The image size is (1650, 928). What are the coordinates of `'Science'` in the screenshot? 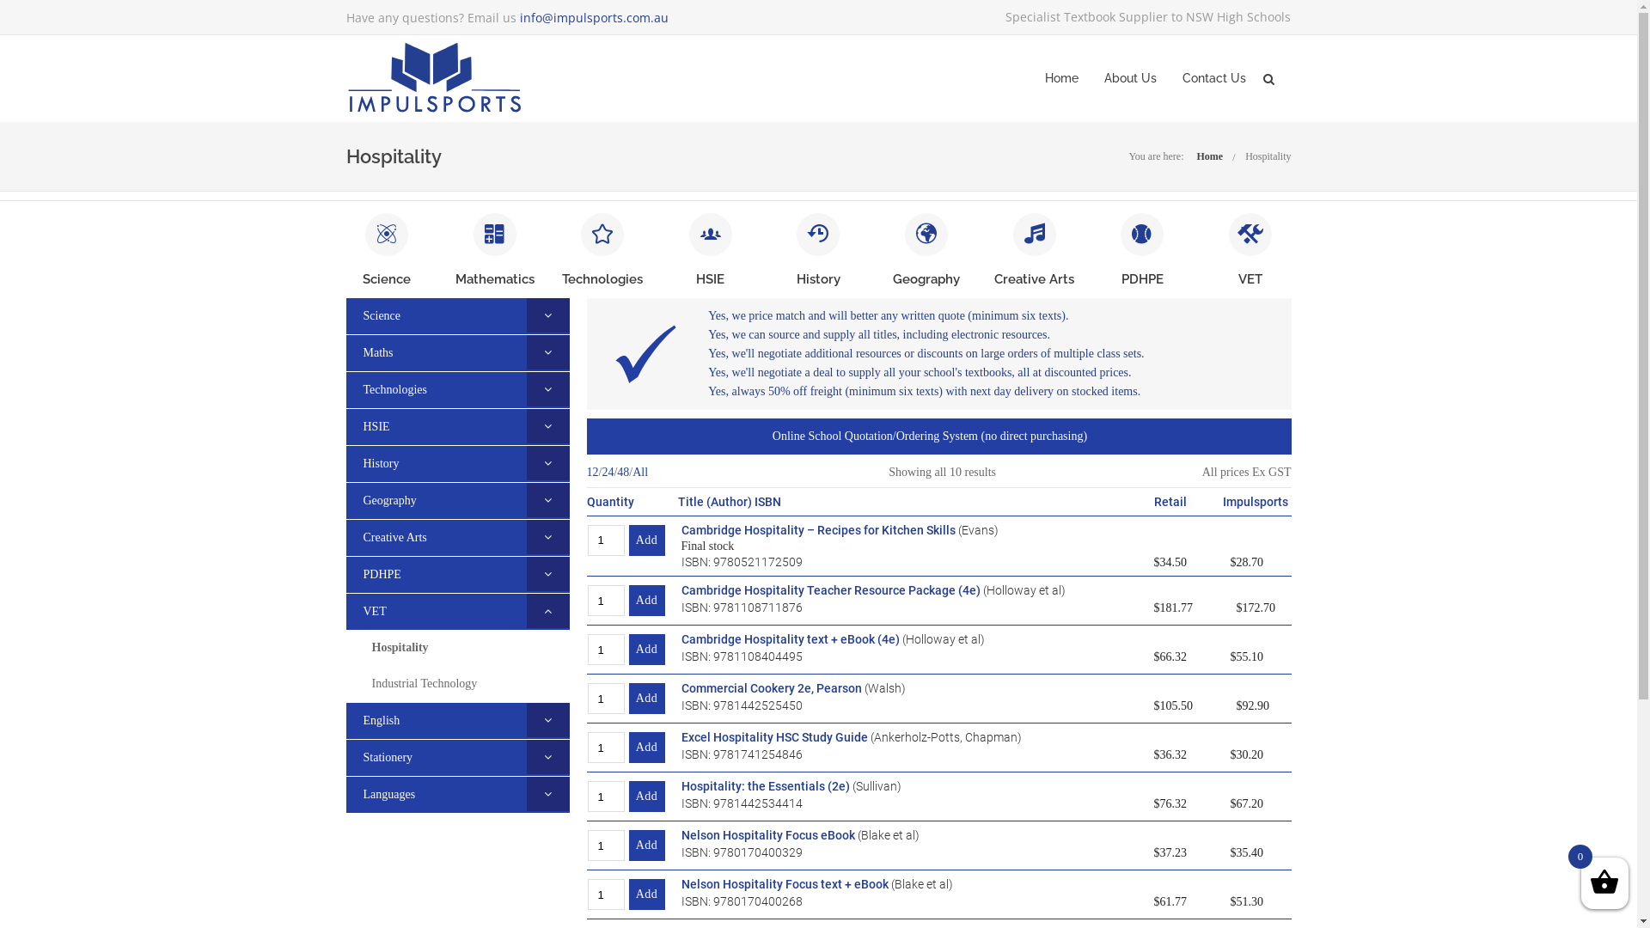 It's located at (386, 278).